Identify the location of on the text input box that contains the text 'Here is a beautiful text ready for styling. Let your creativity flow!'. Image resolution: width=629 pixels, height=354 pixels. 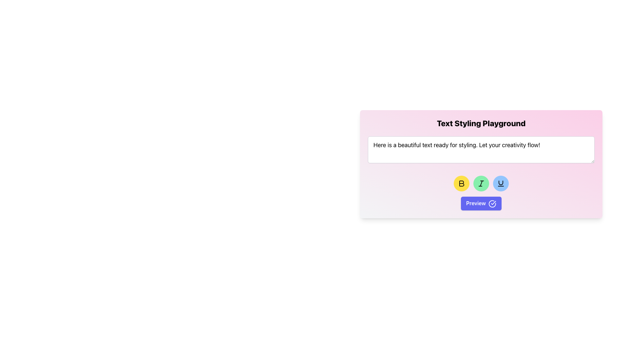
(481, 186).